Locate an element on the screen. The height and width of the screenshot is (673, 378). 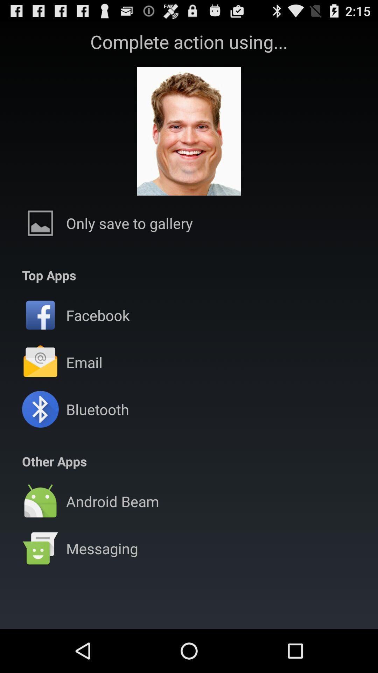
top apps app is located at coordinates (49, 275).